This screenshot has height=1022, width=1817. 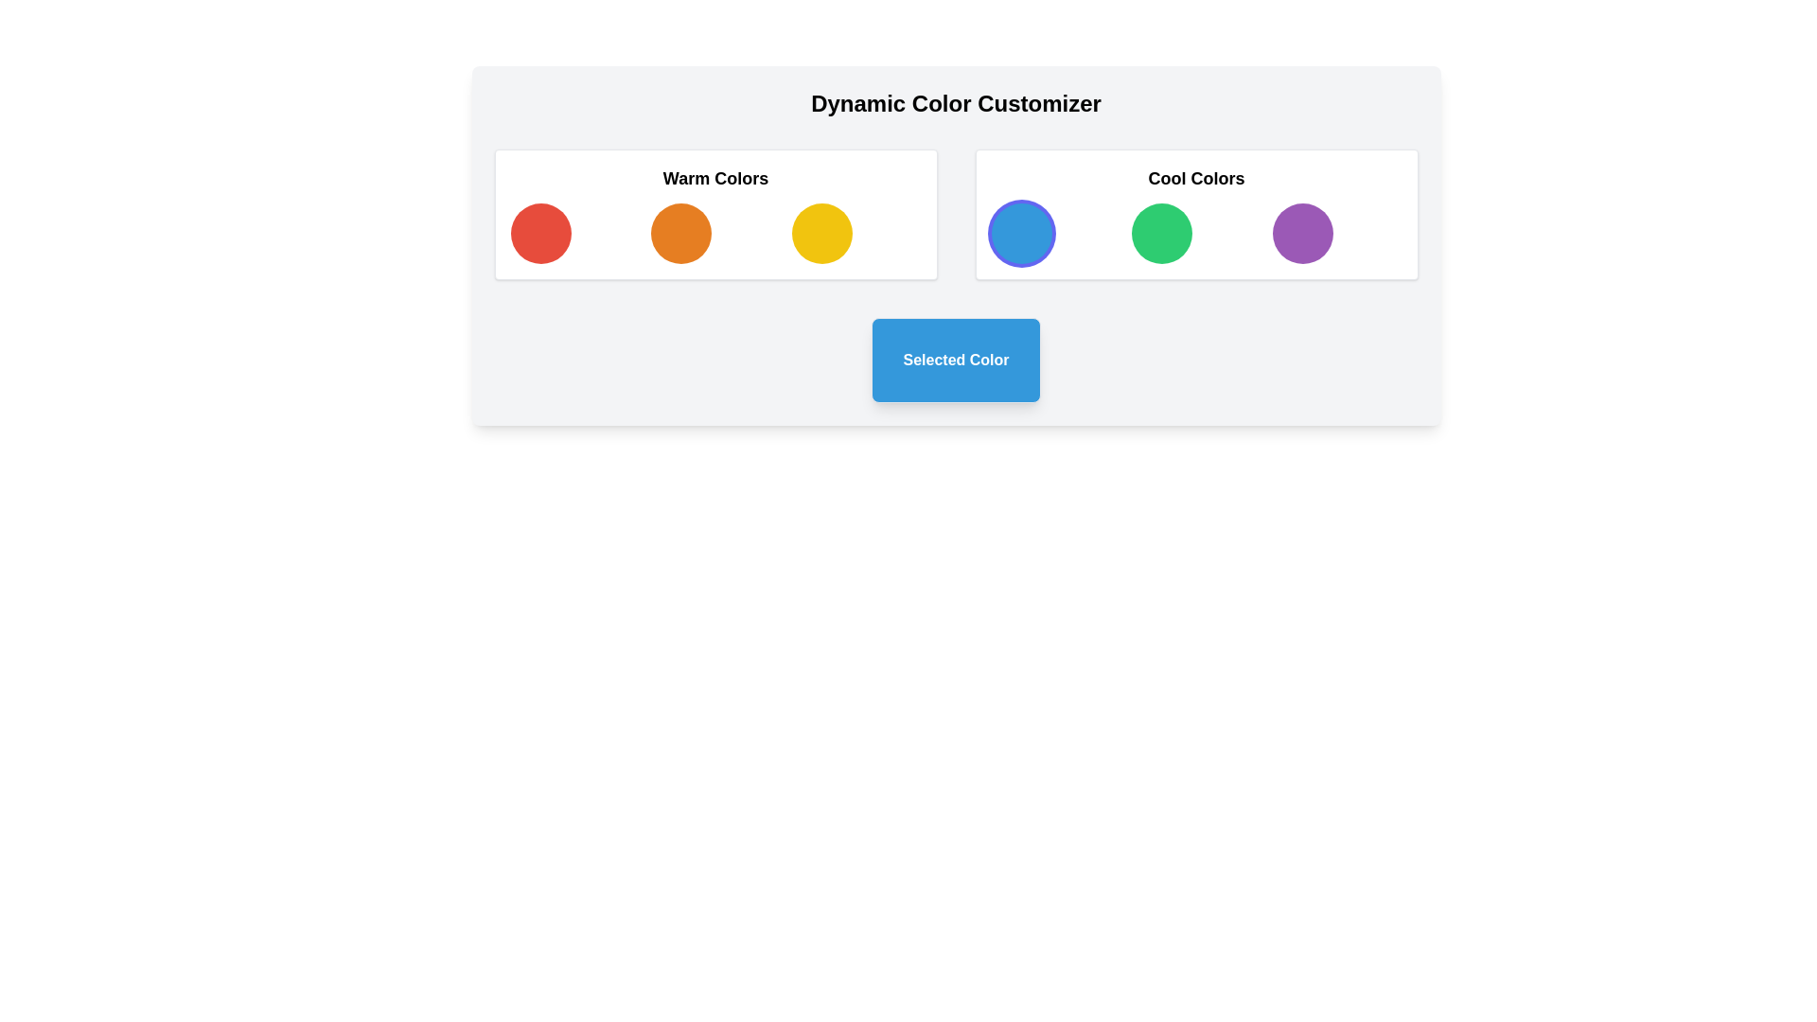 What do you see at coordinates (681, 232) in the screenshot?
I see `the orange color selection button located in the middle of the 'Warm Colors' section to scale it up` at bounding box center [681, 232].